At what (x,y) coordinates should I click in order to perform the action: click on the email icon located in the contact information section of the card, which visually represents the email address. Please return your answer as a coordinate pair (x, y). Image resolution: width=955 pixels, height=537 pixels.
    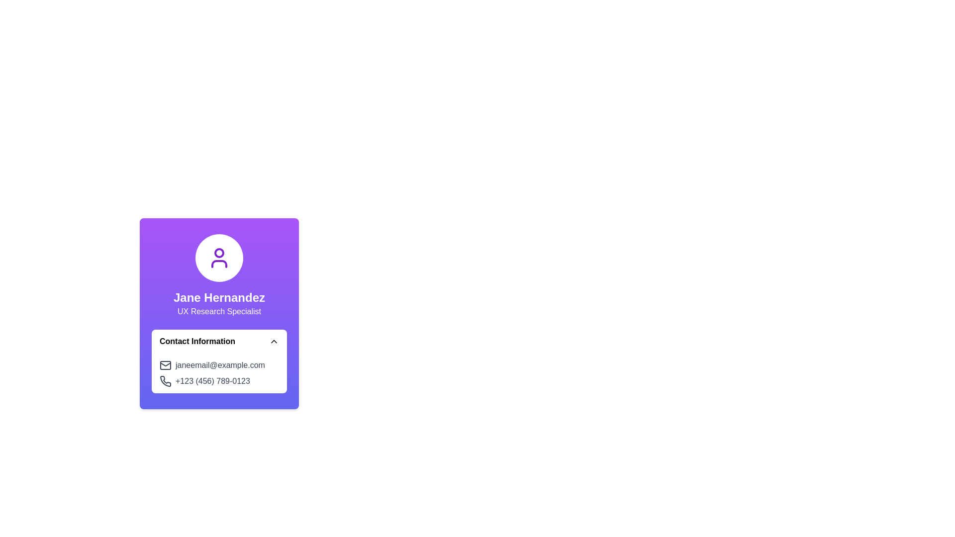
    Looking at the image, I should click on (165, 365).